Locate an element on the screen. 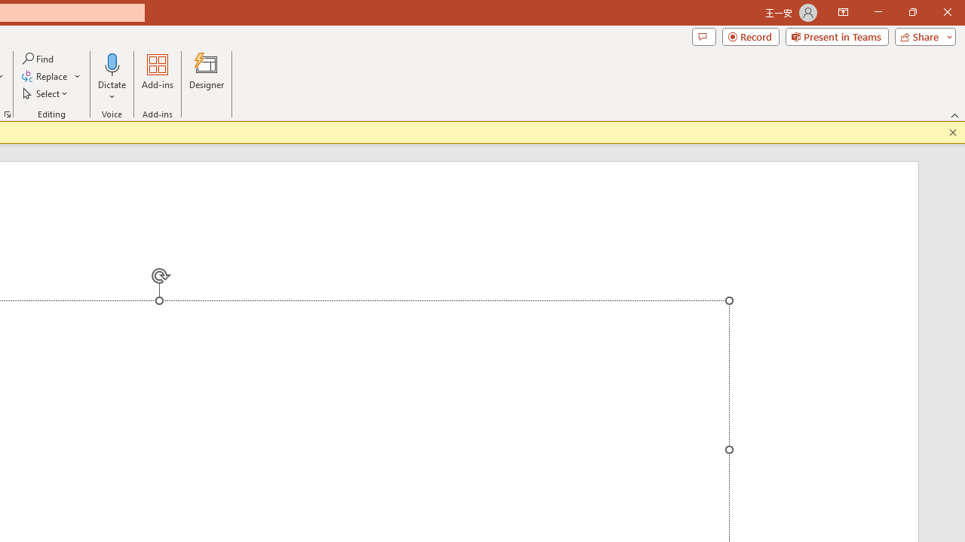 The width and height of the screenshot is (965, 542). 'Share' is located at coordinates (921, 35).